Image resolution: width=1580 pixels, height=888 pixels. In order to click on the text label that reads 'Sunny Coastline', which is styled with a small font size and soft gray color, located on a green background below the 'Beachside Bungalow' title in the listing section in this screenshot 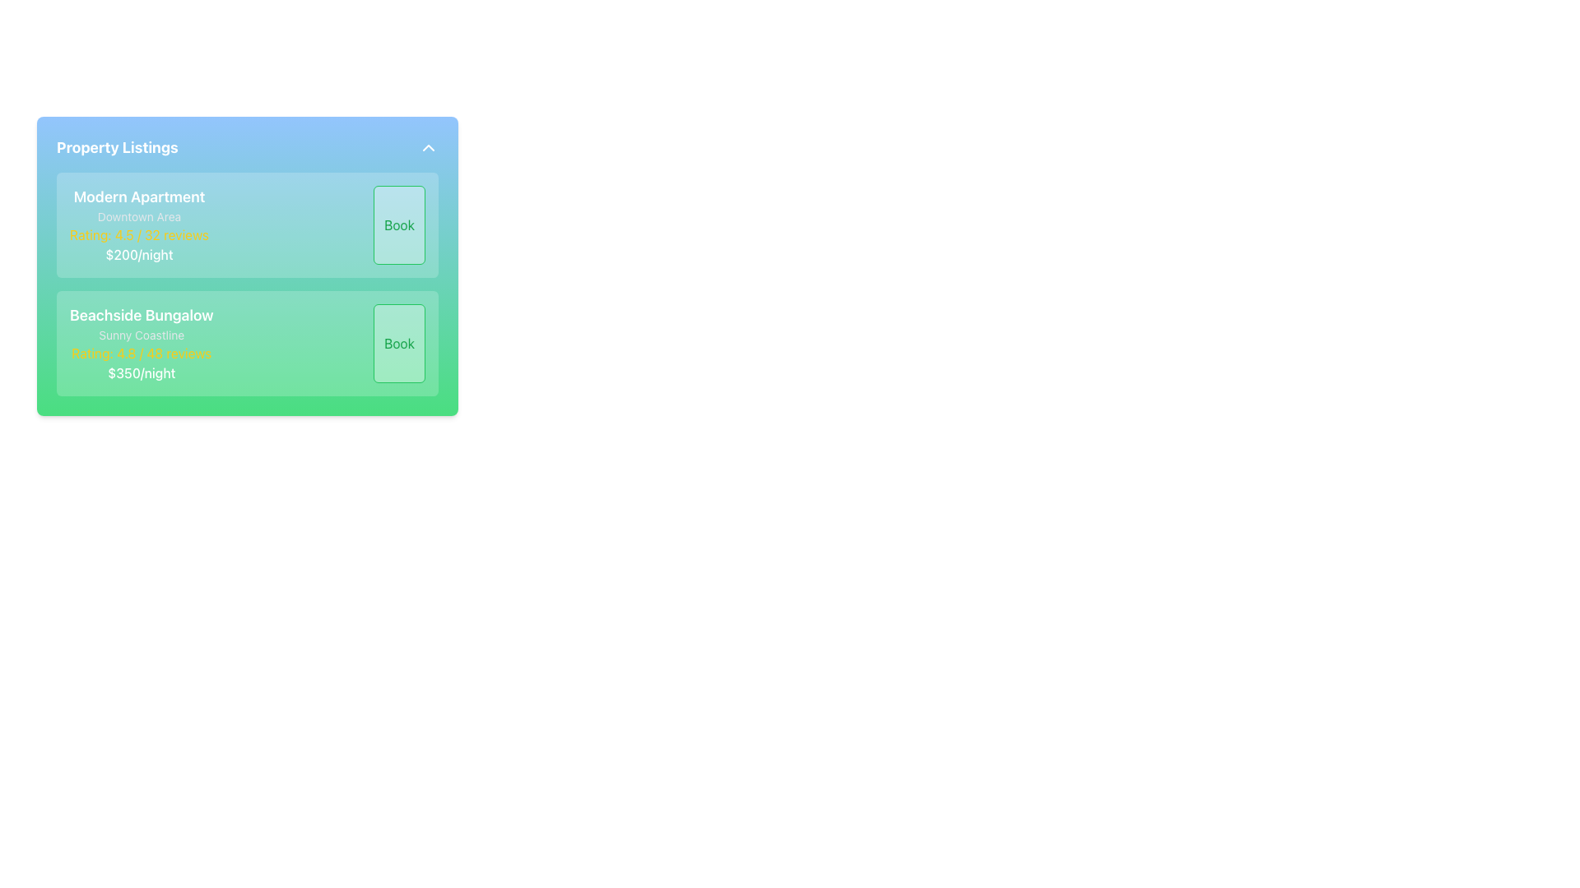, I will do `click(142, 335)`.